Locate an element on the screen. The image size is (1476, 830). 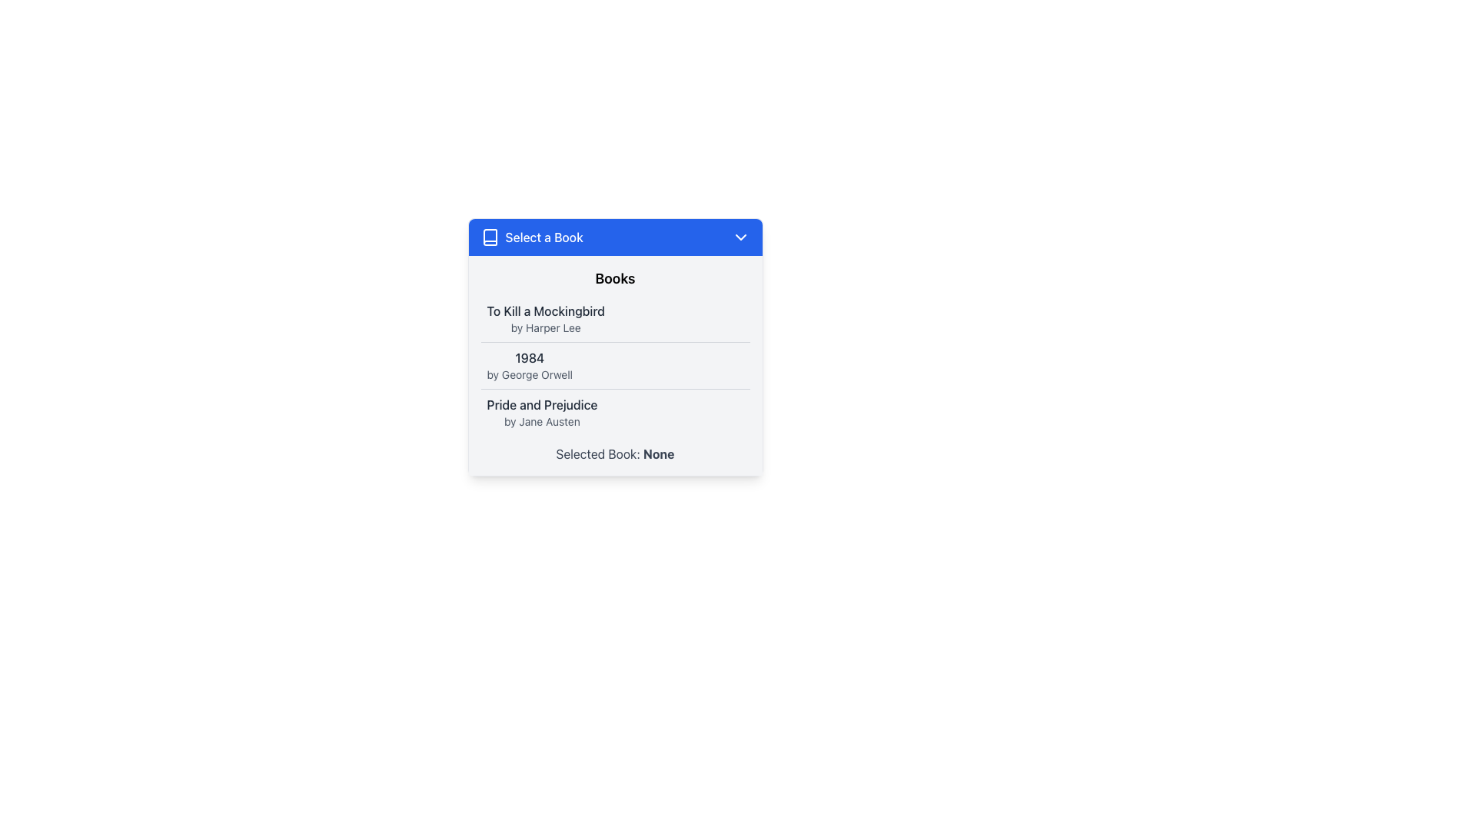
the book icon located in the blue header section labeled 'Select a Book', positioned to the left of the text is located at coordinates (489, 237).